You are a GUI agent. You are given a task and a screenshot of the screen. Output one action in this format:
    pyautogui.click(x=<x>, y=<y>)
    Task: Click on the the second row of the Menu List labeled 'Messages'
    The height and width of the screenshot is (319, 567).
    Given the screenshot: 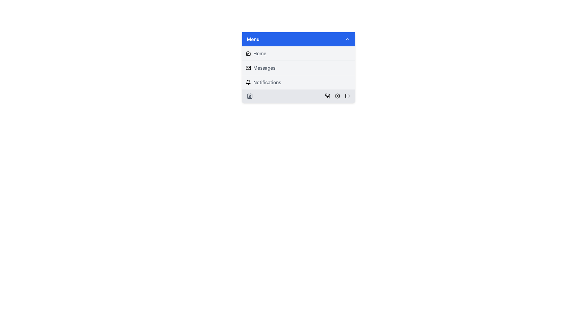 What is the action you would take?
    pyautogui.click(x=299, y=68)
    